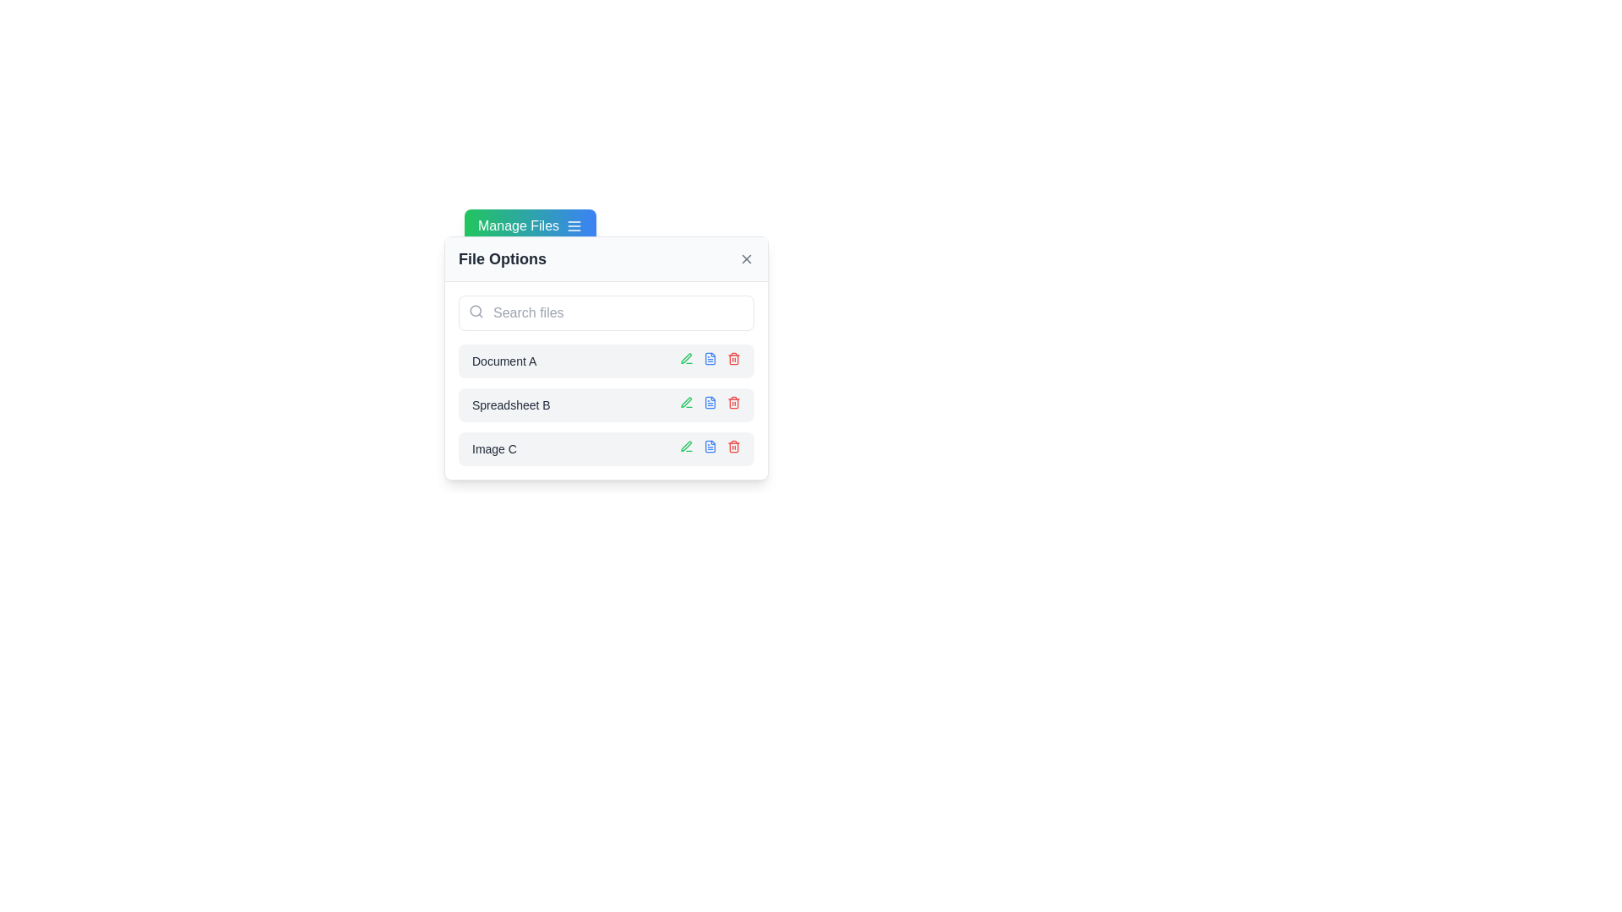 The width and height of the screenshot is (1622, 912). I want to click on the close button located at the top right corner of the 'File Options' section, so click(745, 259).